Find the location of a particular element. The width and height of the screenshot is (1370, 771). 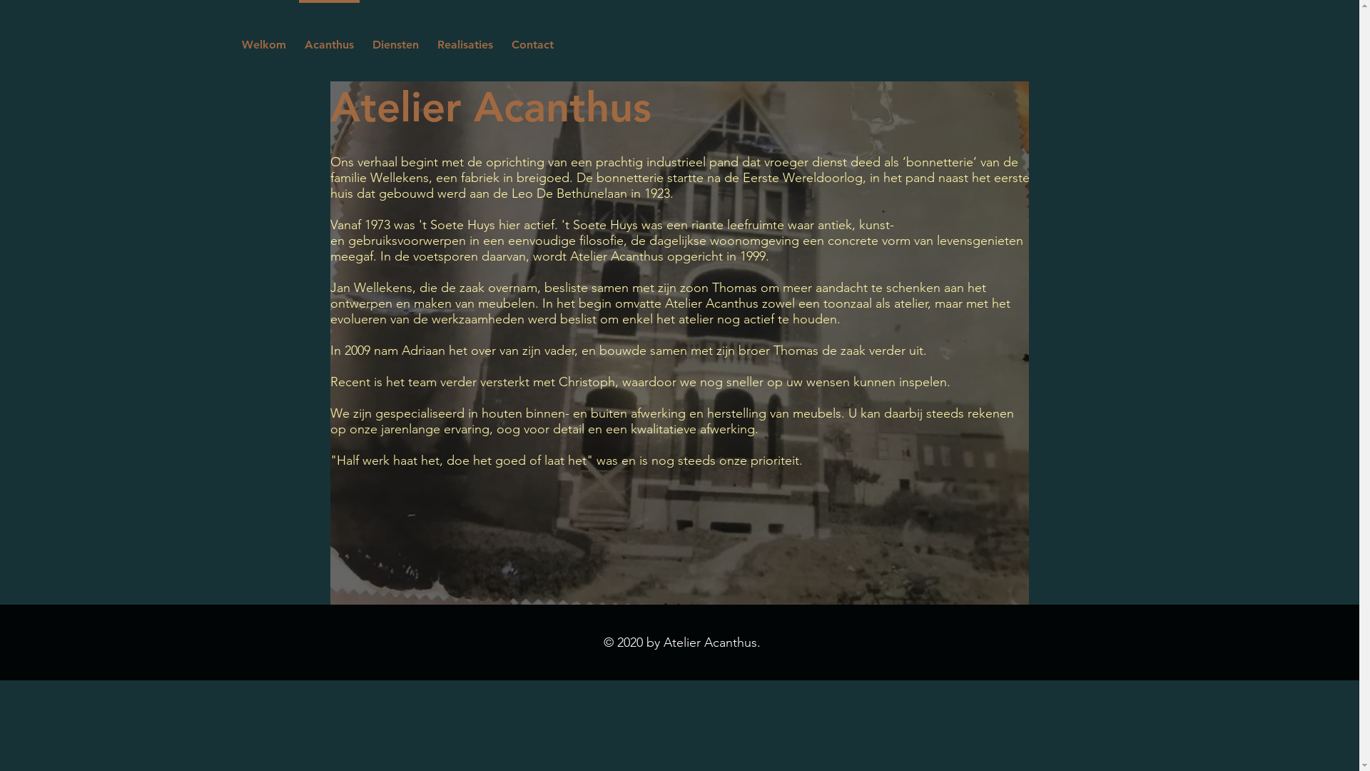

'Diensten' is located at coordinates (395, 37).